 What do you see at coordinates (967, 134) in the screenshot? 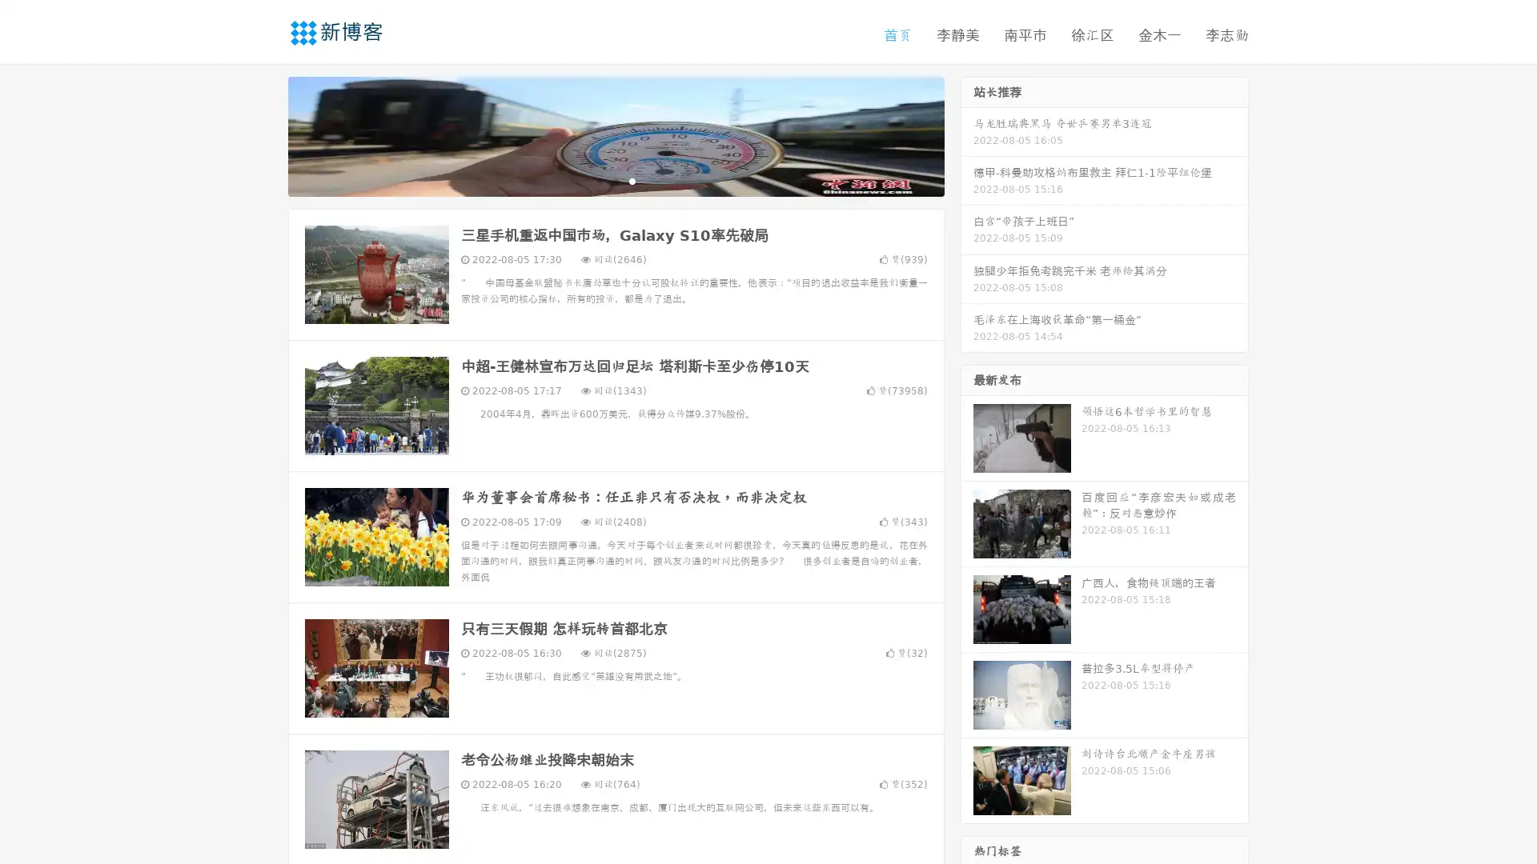
I see `Next slide` at bounding box center [967, 134].